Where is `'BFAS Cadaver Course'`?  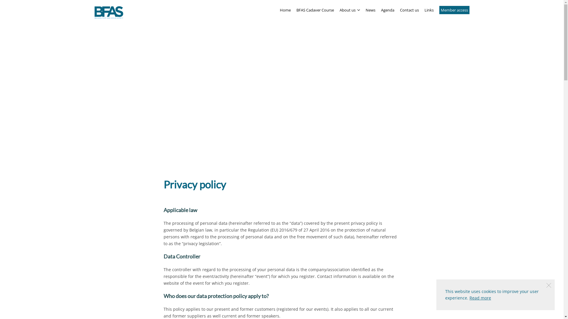 'BFAS Cadaver Course' is located at coordinates (296, 10).